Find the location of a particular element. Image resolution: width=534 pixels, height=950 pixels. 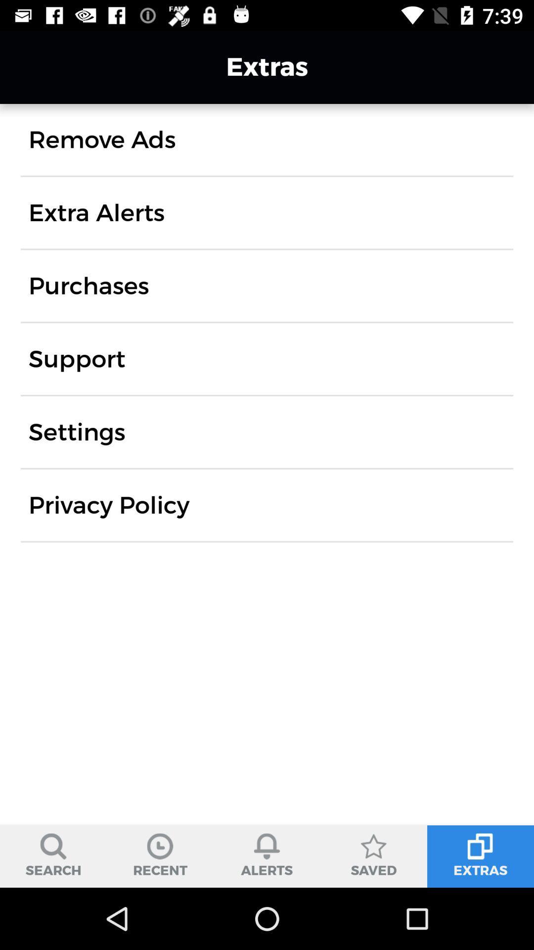

icon below extra alerts icon is located at coordinates (88, 285).